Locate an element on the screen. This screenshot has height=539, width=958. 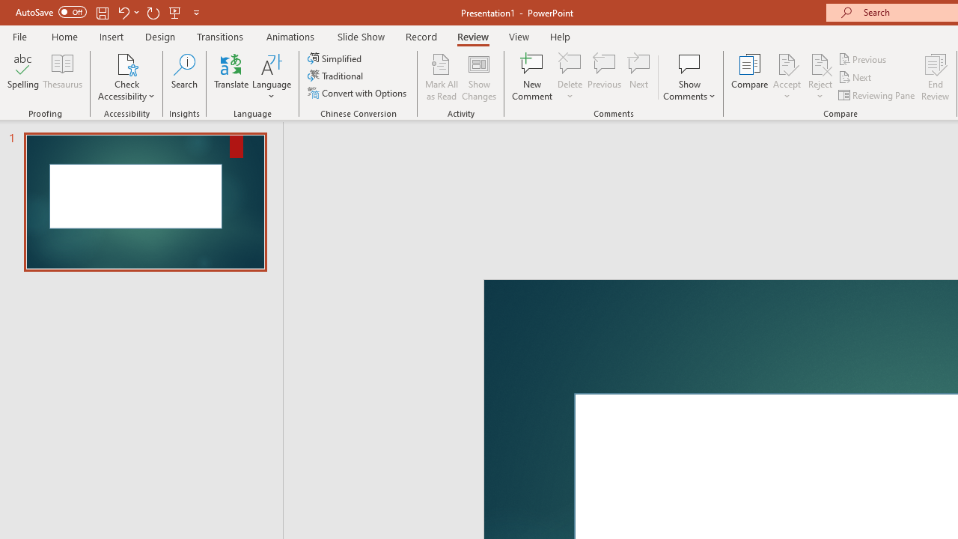
'Previous' is located at coordinates (863, 58).